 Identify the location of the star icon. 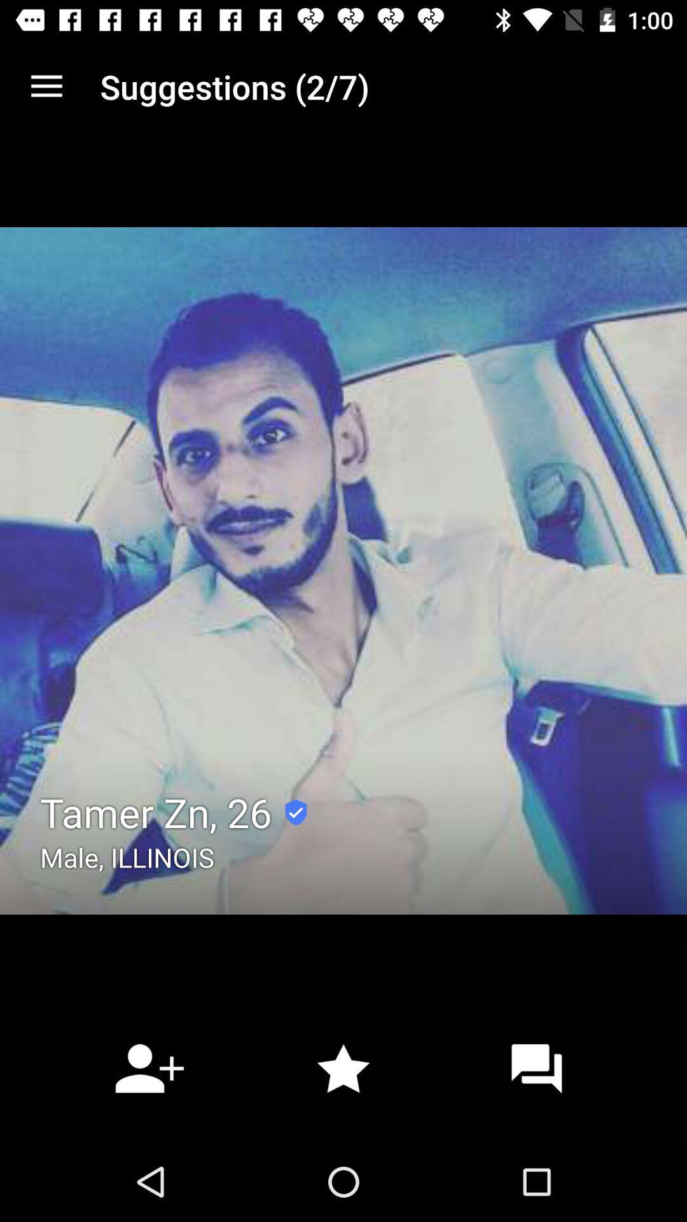
(342, 1068).